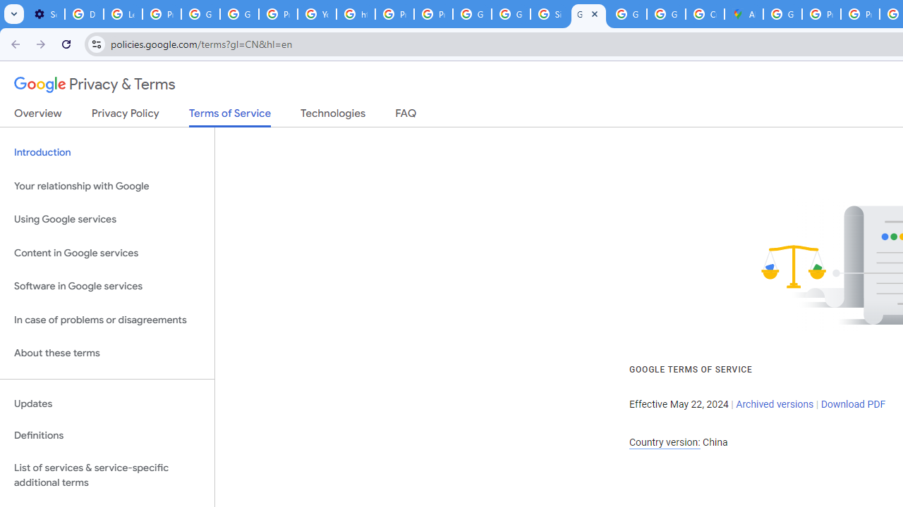 Image resolution: width=903 pixels, height=507 pixels. Describe the element at coordinates (107, 353) in the screenshot. I see `'About these terms'` at that location.